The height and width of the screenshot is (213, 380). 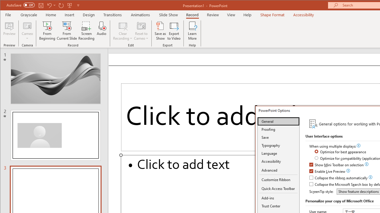 What do you see at coordinates (278, 121) in the screenshot?
I see `'General'` at bounding box center [278, 121].